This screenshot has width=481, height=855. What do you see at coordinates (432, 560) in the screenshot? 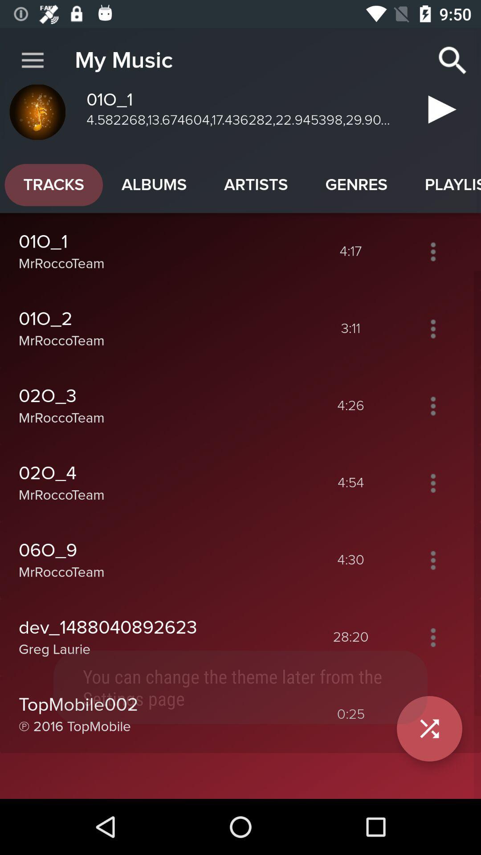
I see `the toggle is used to open the options` at bounding box center [432, 560].